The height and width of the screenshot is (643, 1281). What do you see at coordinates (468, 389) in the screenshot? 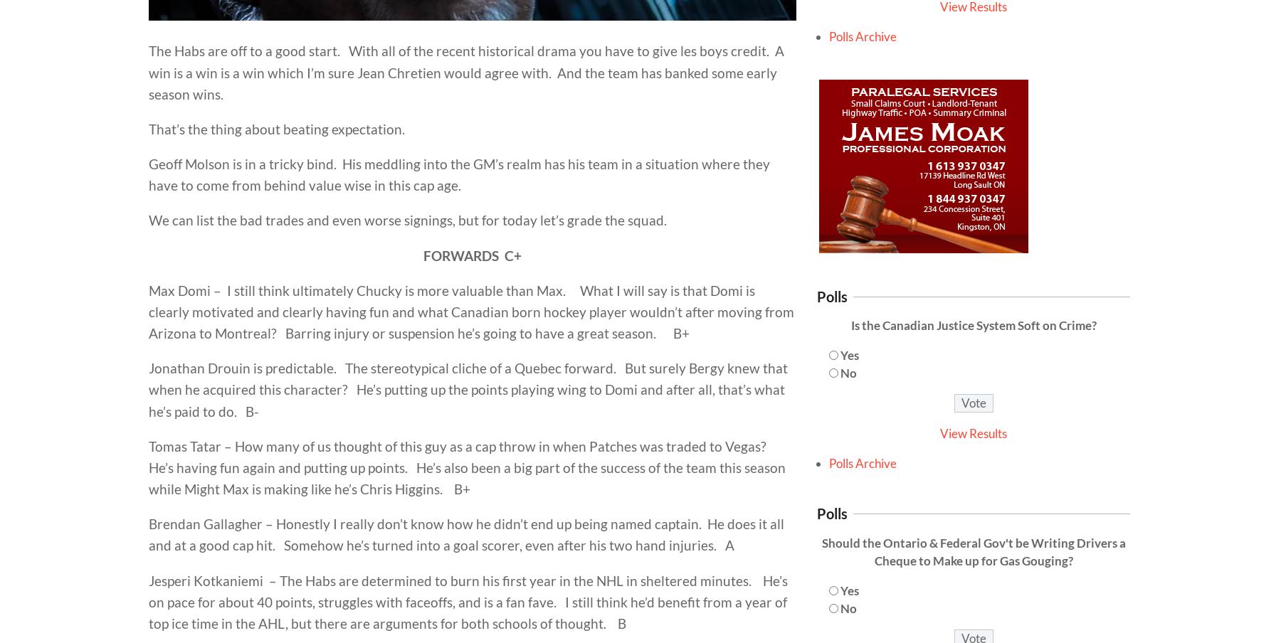
I see `'Jonathan Drouin is predictable.   The stereotypical cliche of a Quebec forward.   But surely Bergy knew that when he acquired this character?   He’s putting up the points playing wing to Domi and after all, that’s what he’s paid to do.   B-'` at bounding box center [468, 389].